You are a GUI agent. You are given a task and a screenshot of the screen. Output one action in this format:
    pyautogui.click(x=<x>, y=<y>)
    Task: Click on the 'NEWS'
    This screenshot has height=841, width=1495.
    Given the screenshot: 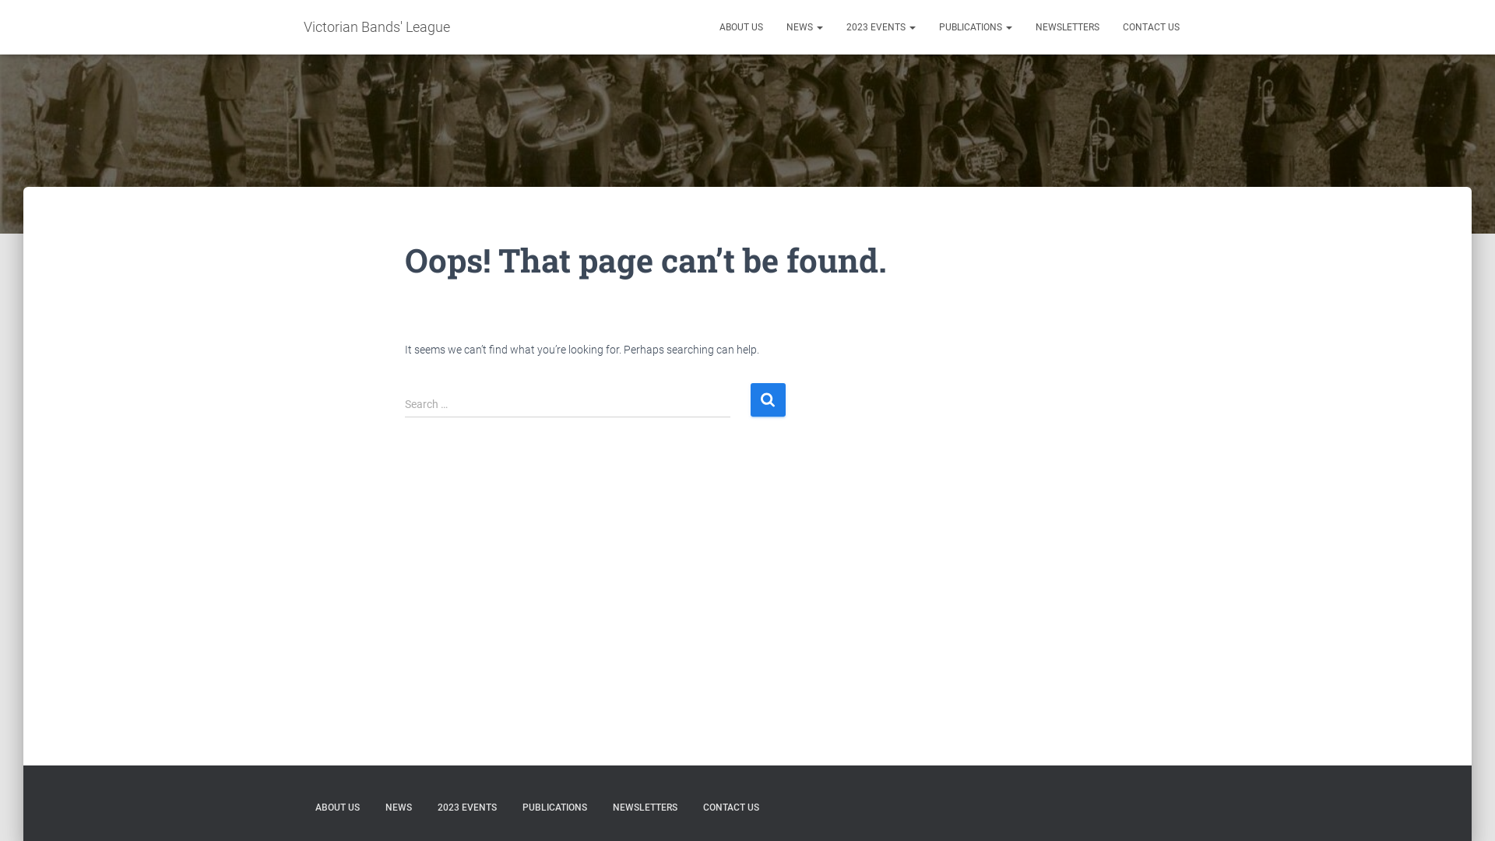 What is the action you would take?
    pyautogui.click(x=399, y=807)
    